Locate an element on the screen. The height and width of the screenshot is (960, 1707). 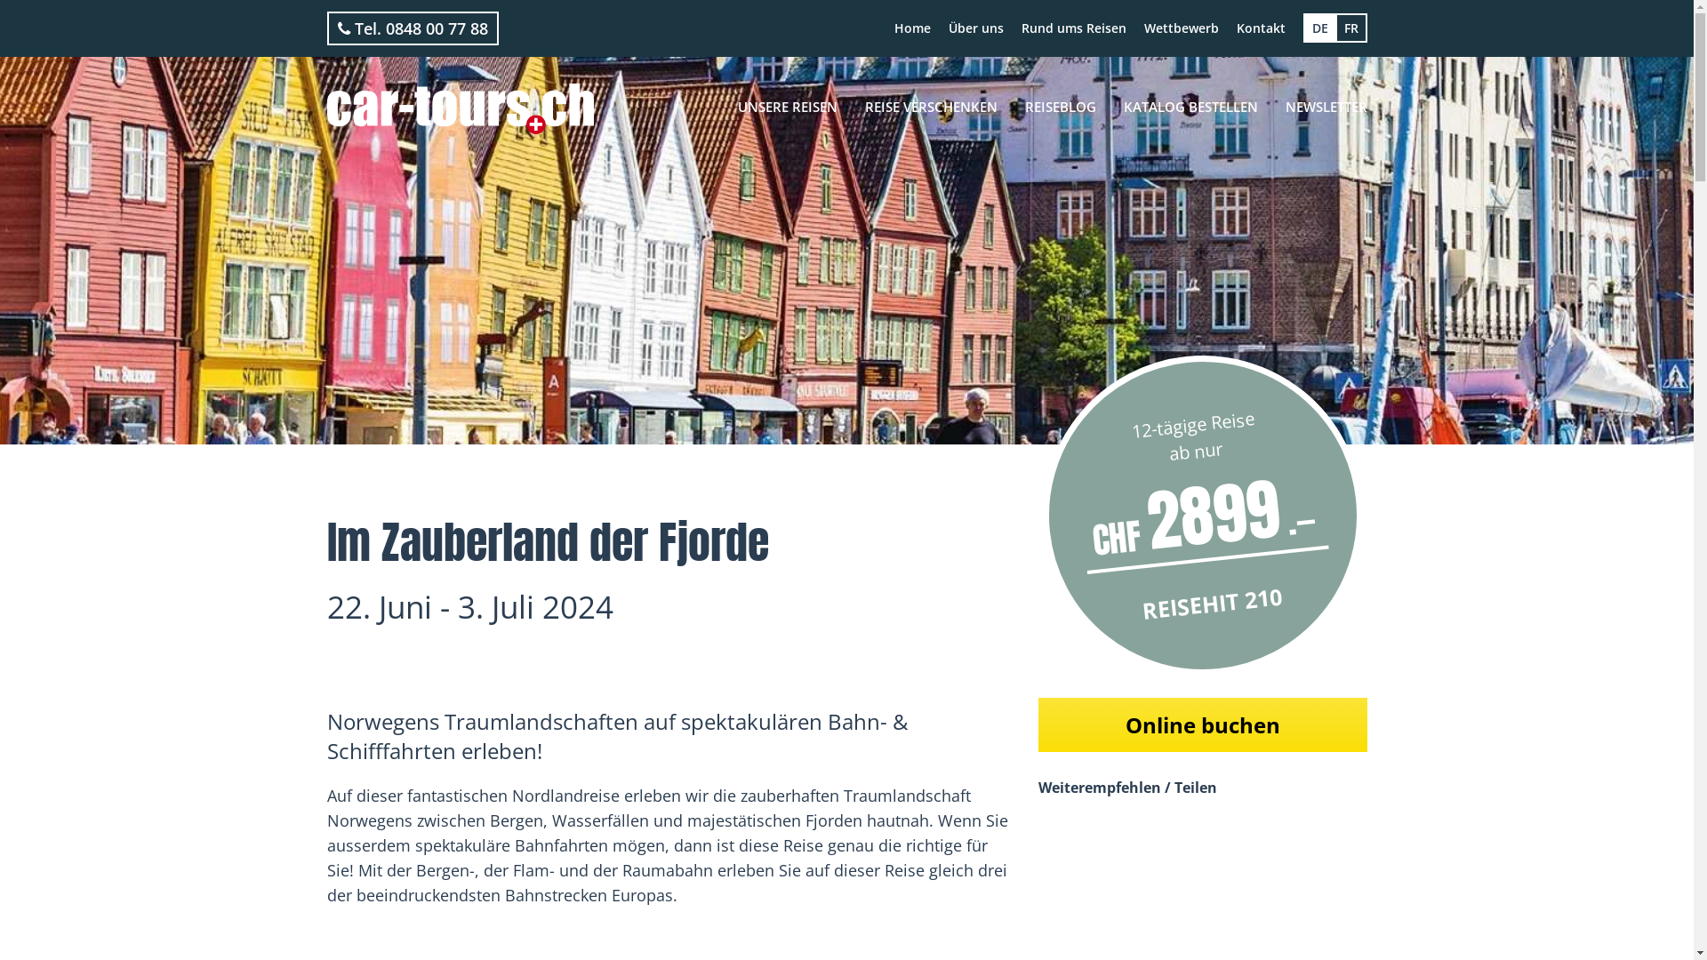
'Rund ums Reisen' is located at coordinates (1071, 28).